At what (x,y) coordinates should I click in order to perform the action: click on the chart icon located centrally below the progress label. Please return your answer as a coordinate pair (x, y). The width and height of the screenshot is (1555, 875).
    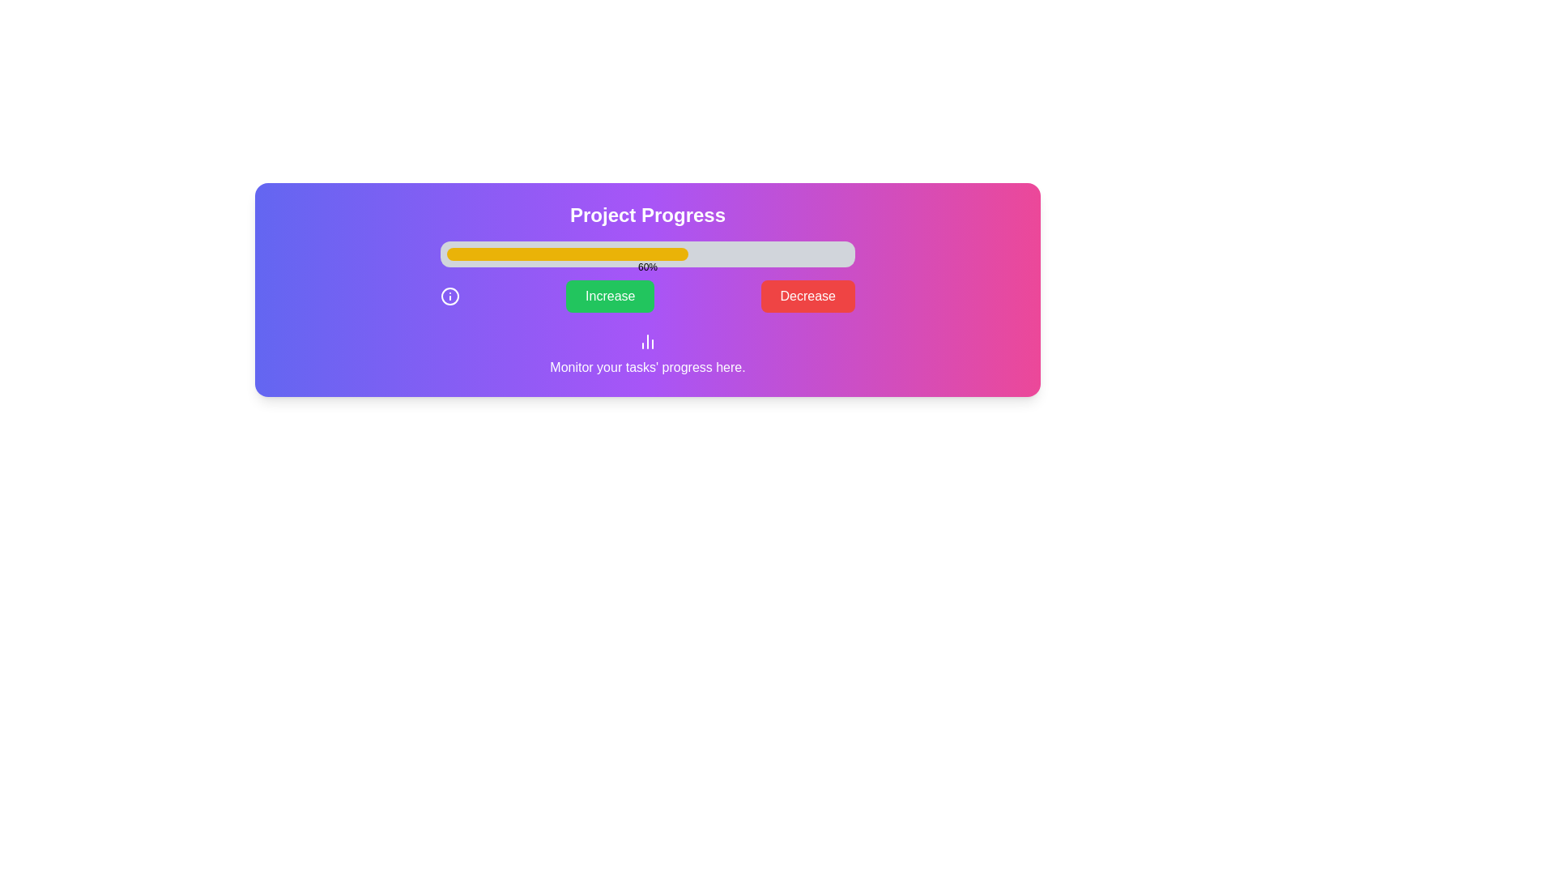
    Looking at the image, I should click on (648, 340).